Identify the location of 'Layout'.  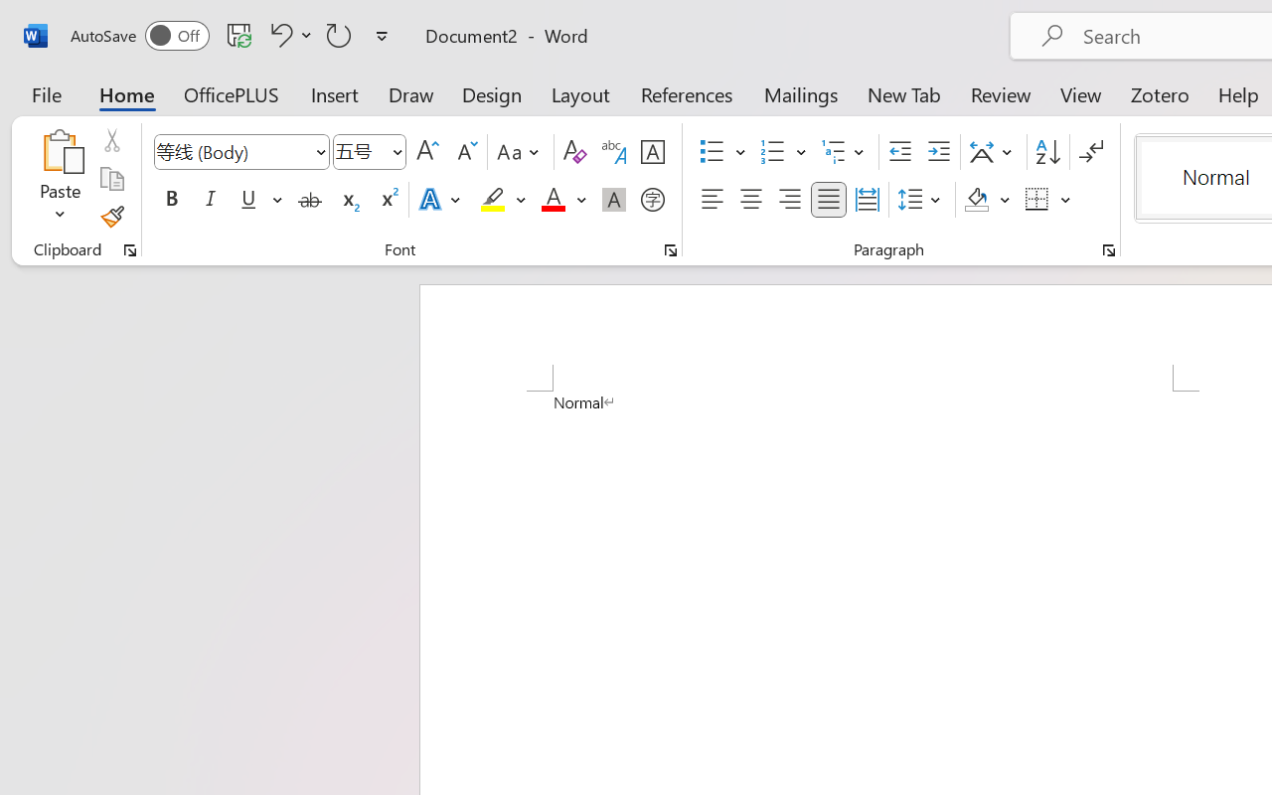
(579, 93).